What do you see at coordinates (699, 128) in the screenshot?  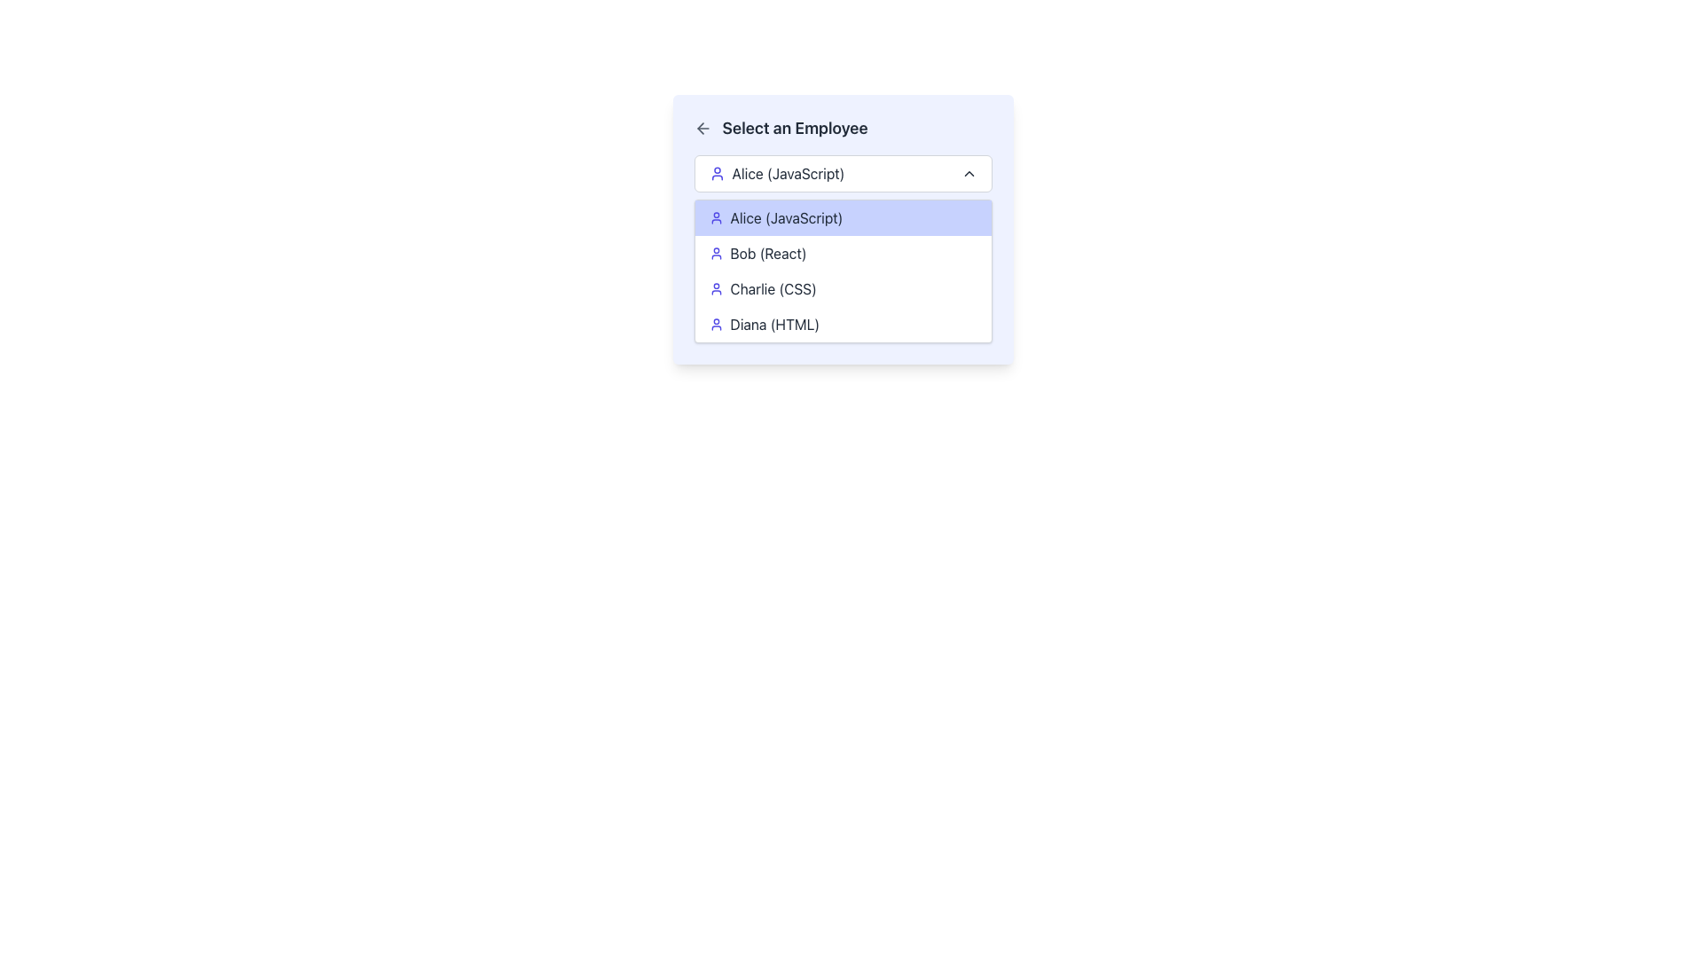 I see `the leftward-pointing arrow icon, which is part of a navigation or back button located at the top left of the dropdown menu near the 'Select an Employee' title` at bounding box center [699, 128].